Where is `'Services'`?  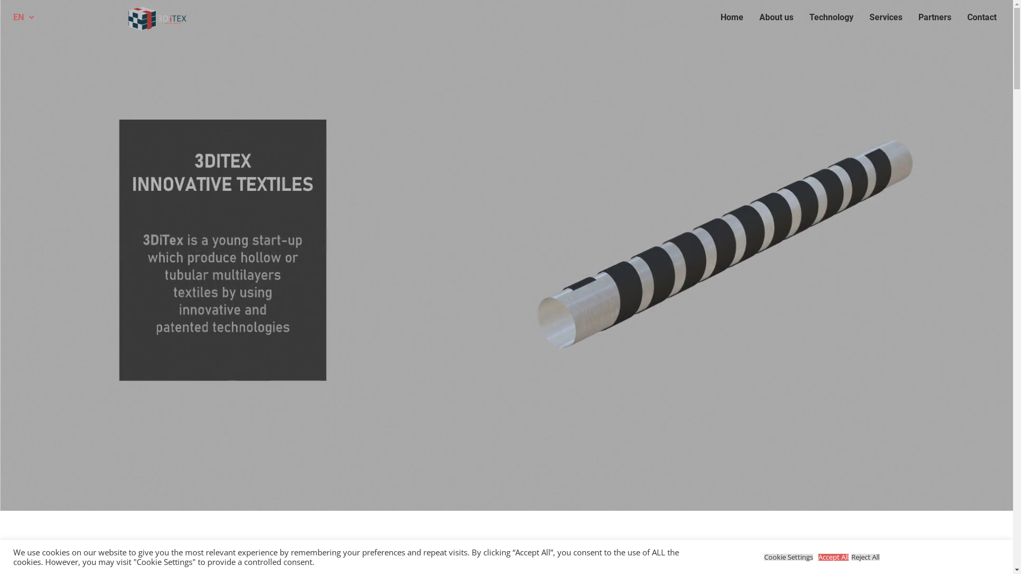 'Services' is located at coordinates (861, 18).